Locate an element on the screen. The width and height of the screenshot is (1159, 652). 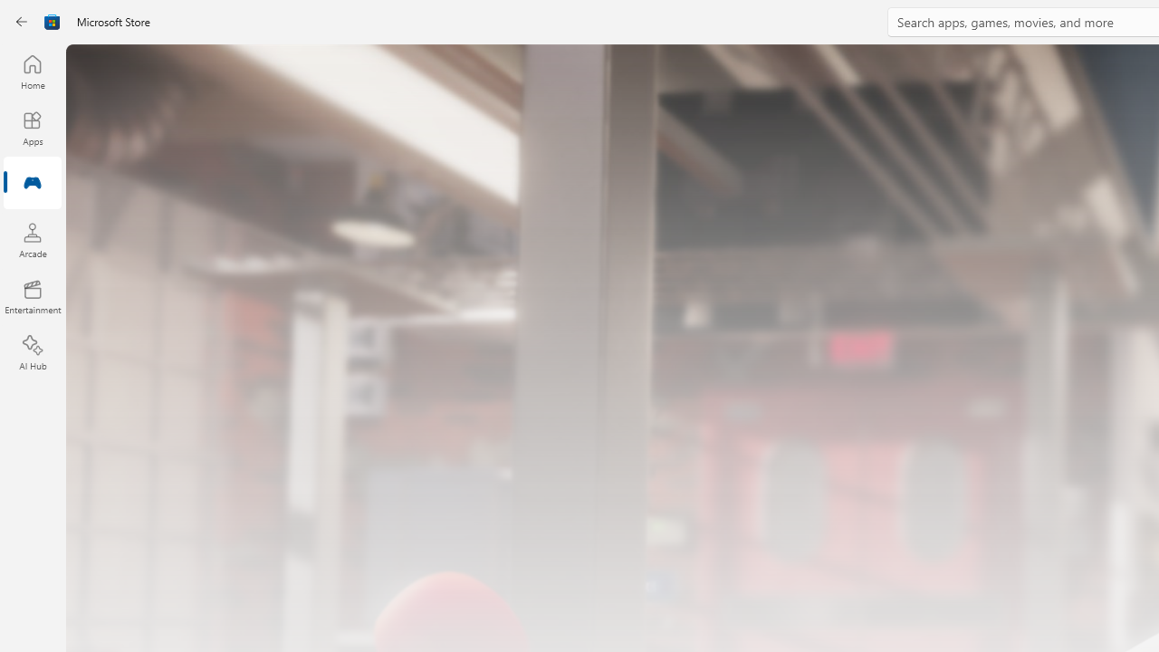
'Home' is located at coordinates (32, 71).